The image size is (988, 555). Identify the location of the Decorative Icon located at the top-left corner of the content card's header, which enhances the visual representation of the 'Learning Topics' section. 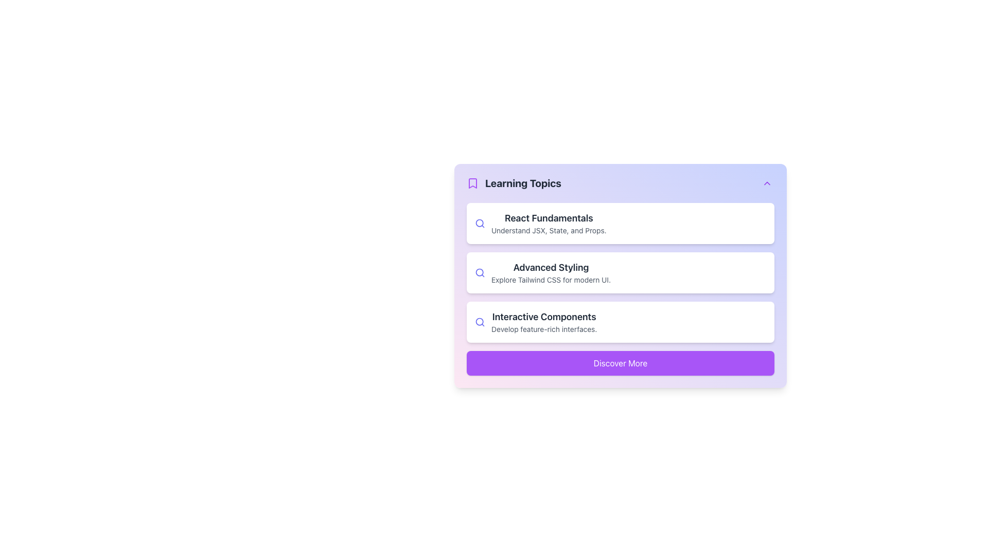
(472, 183).